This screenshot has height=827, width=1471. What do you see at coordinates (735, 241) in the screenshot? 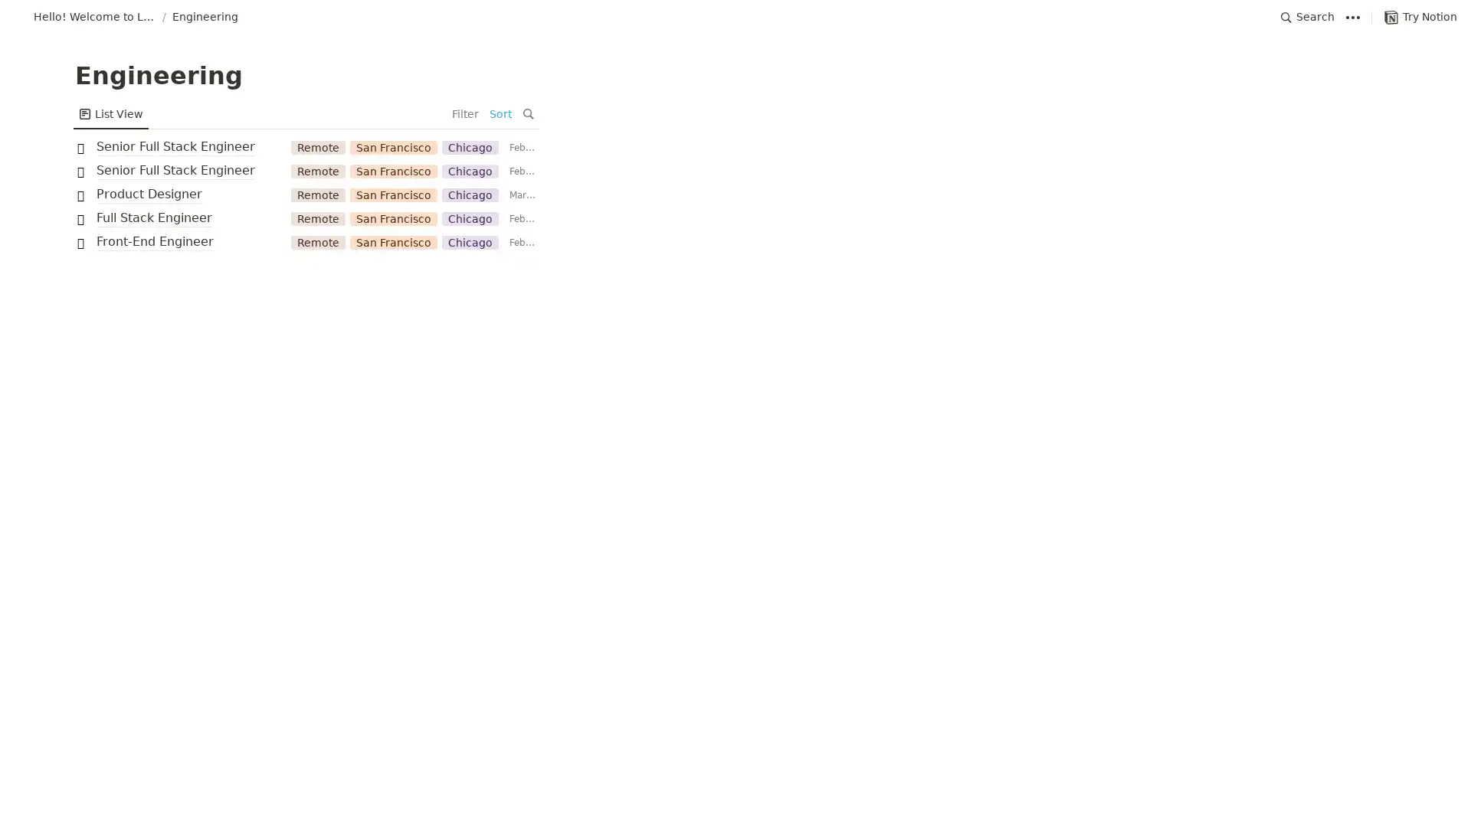
I see `Front-End Engineer Remote San Francisco Chicago February 26, 2022 2:52 PM` at bounding box center [735, 241].